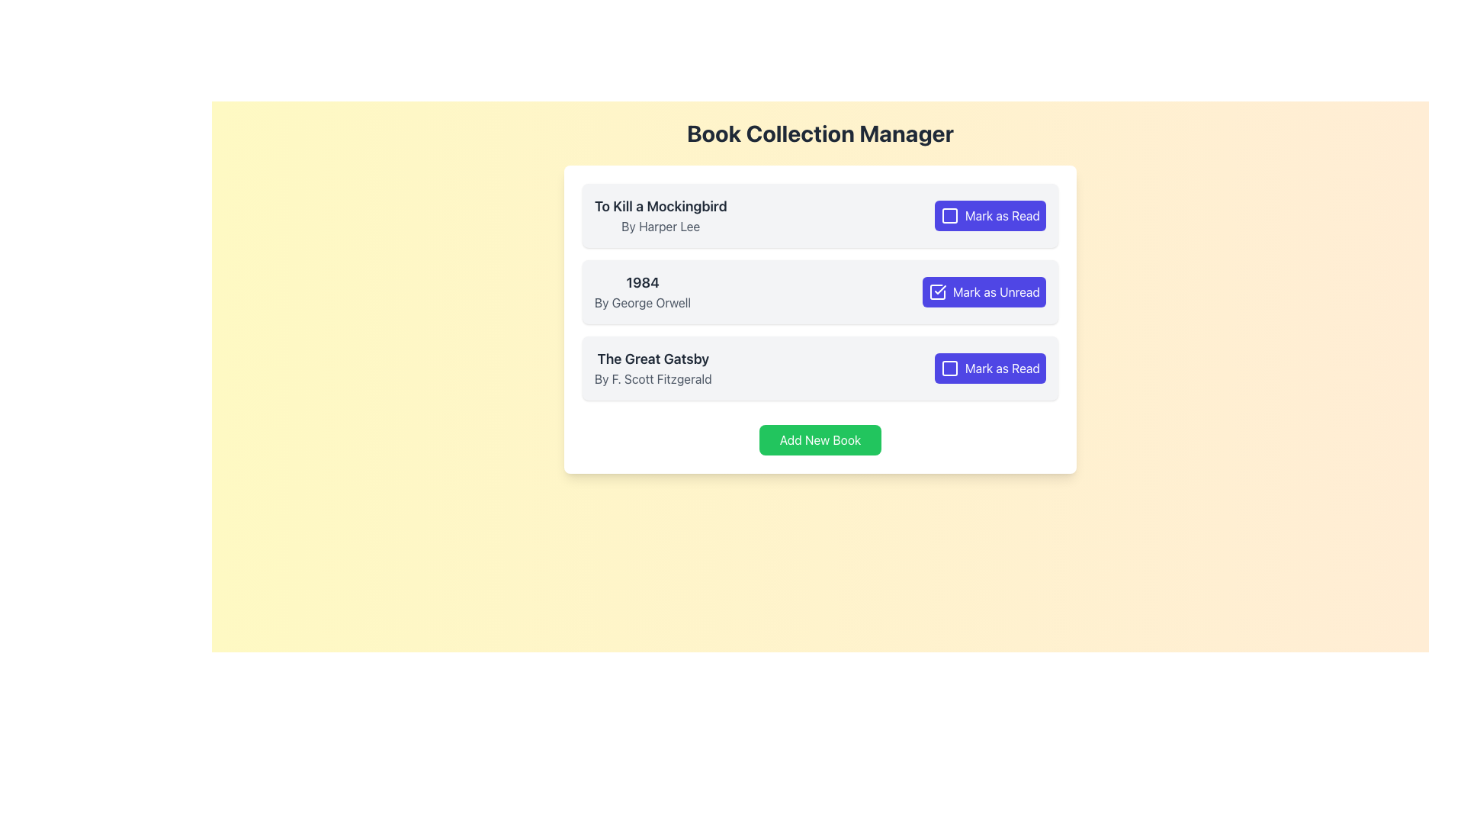  Describe the element at coordinates (643, 291) in the screenshot. I see `the text element displaying the title and author of the book located` at that location.